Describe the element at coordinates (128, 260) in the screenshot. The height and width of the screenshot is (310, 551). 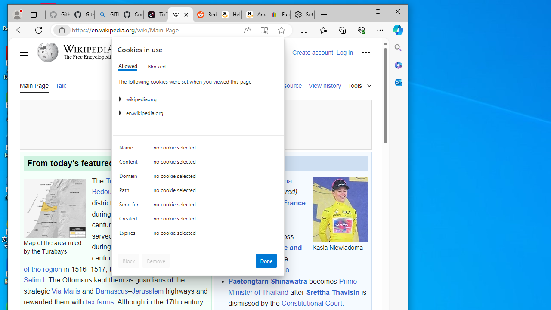
I see `'Block'` at that location.